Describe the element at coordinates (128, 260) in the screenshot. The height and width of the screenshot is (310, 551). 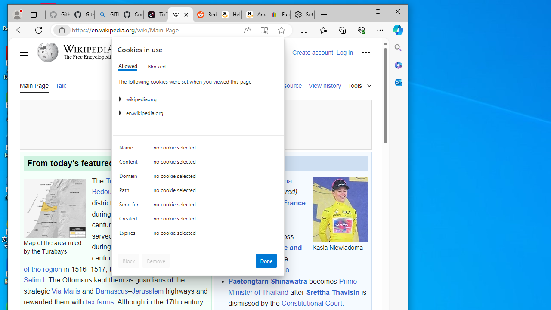
I see `'Block'` at that location.